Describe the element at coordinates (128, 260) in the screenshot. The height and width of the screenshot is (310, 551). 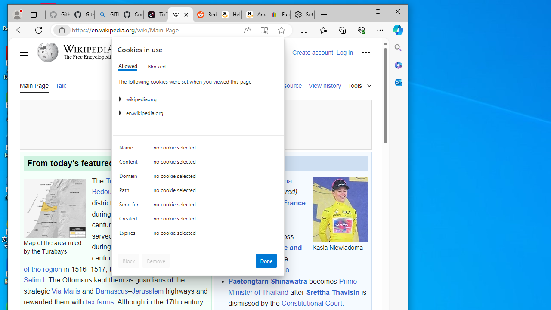
I see `'Block'` at that location.